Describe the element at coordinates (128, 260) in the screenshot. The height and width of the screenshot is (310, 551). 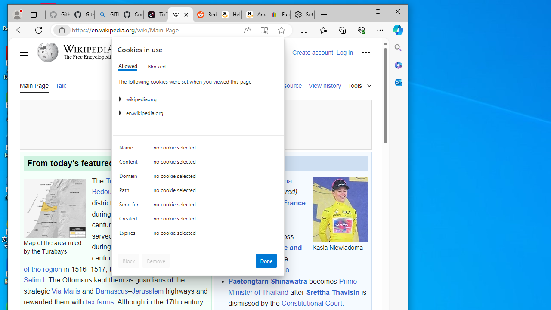
I see `'Block'` at that location.